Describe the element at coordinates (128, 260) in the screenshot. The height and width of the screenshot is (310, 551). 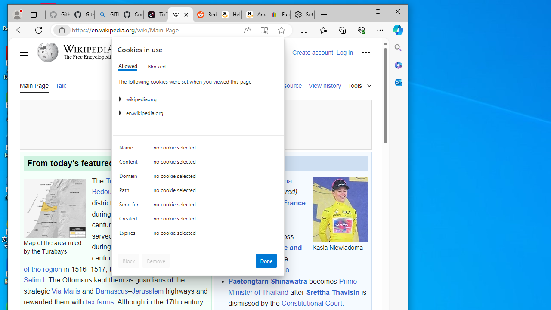
I see `'Block'` at that location.